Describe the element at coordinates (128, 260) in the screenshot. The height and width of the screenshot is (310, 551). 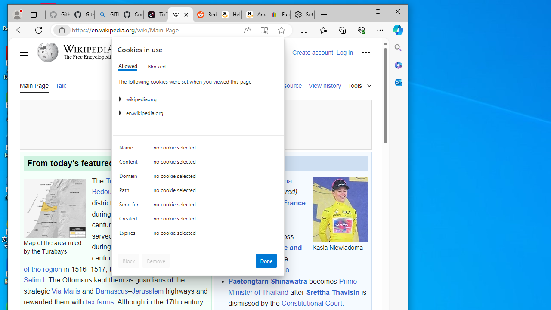
I see `'Block'` at that location.